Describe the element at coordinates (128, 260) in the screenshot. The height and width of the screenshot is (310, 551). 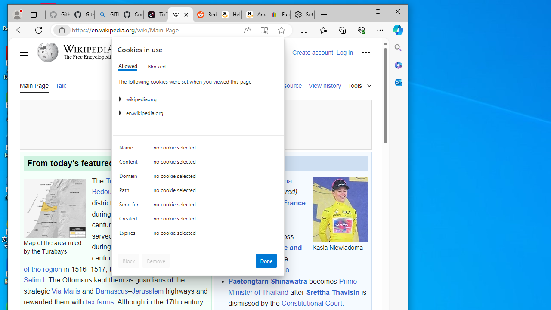
I see `'Block'` at that location.